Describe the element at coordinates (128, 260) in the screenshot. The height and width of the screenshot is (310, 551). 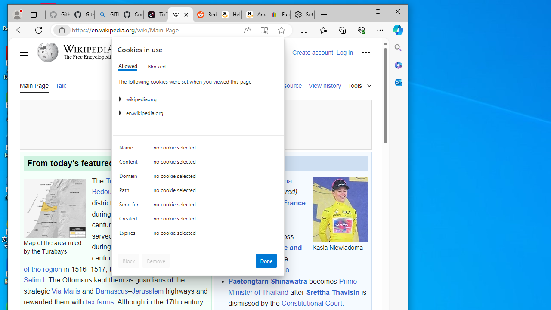
I see `'Block'` at that location.